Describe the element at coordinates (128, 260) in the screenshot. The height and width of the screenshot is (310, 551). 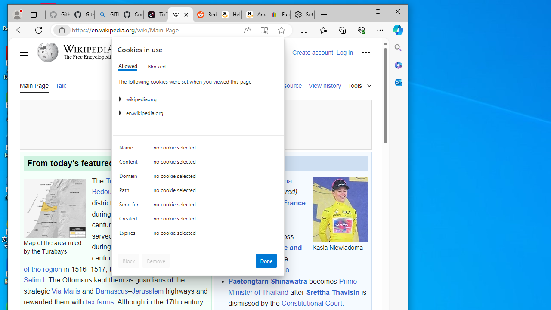
I see `'Block'` at that location.